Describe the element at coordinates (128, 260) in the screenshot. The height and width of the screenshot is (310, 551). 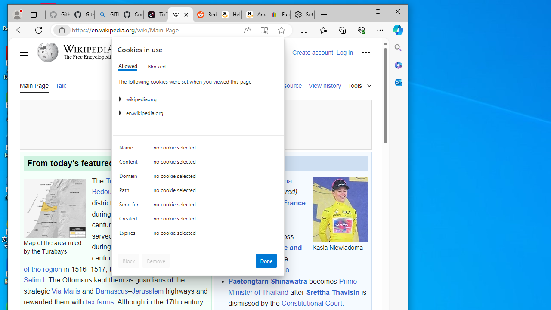
I see `'Block'` at that location.